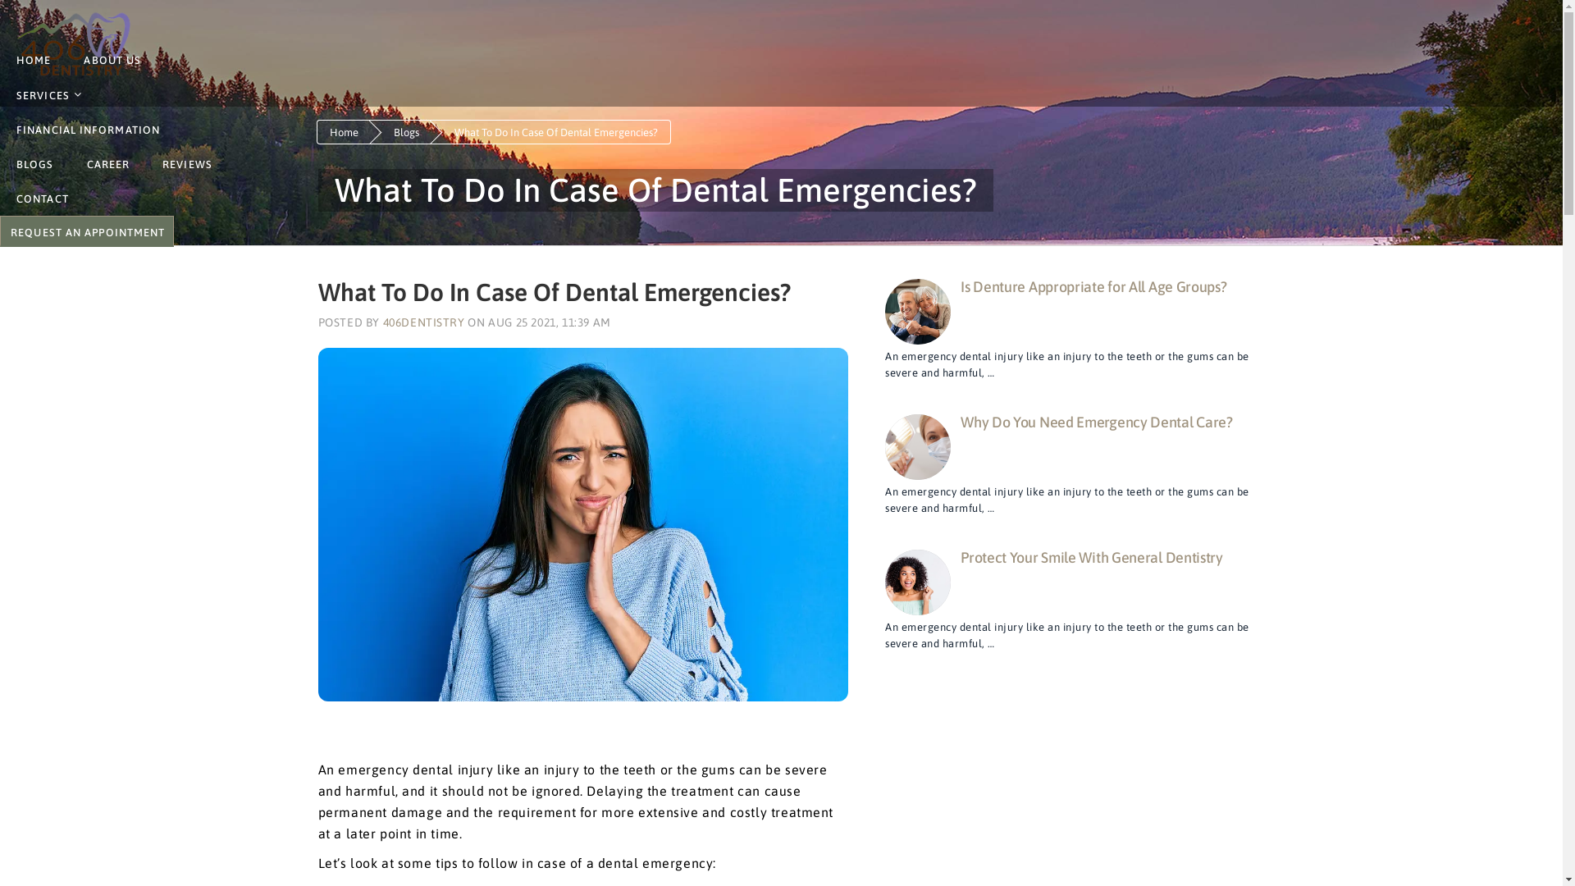  What do you see at coordinates (112, 59) in the screenshot?
I see `'ABOUT US'` at bounding box center [112, 59].